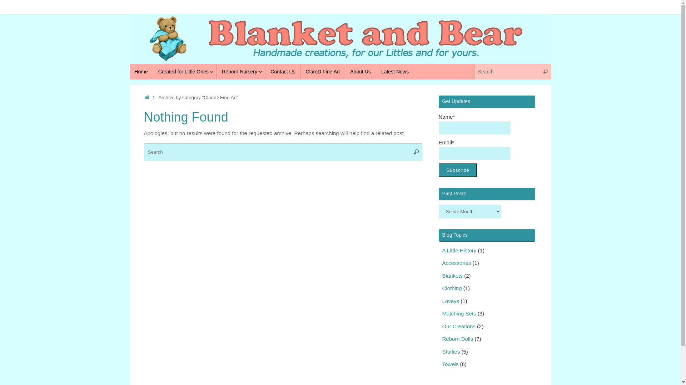 Image resolution: width=686 pixels, height=385 pixels. Describe the element at coordinates (442, 275) in the screenshot. I see `'Blankets'` at that location.